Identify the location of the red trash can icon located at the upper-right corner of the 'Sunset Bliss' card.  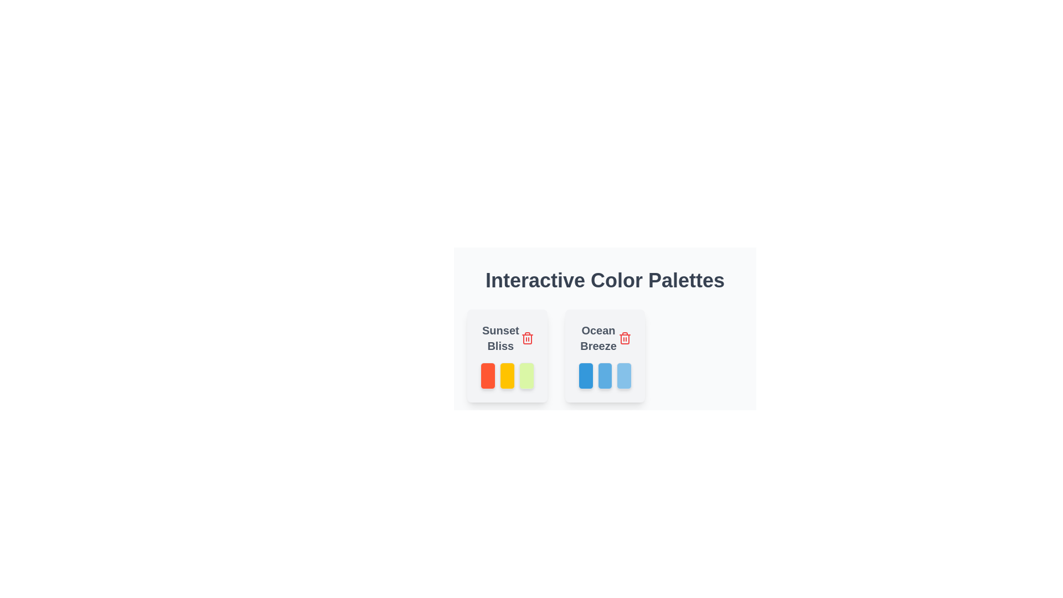
(527, 337).